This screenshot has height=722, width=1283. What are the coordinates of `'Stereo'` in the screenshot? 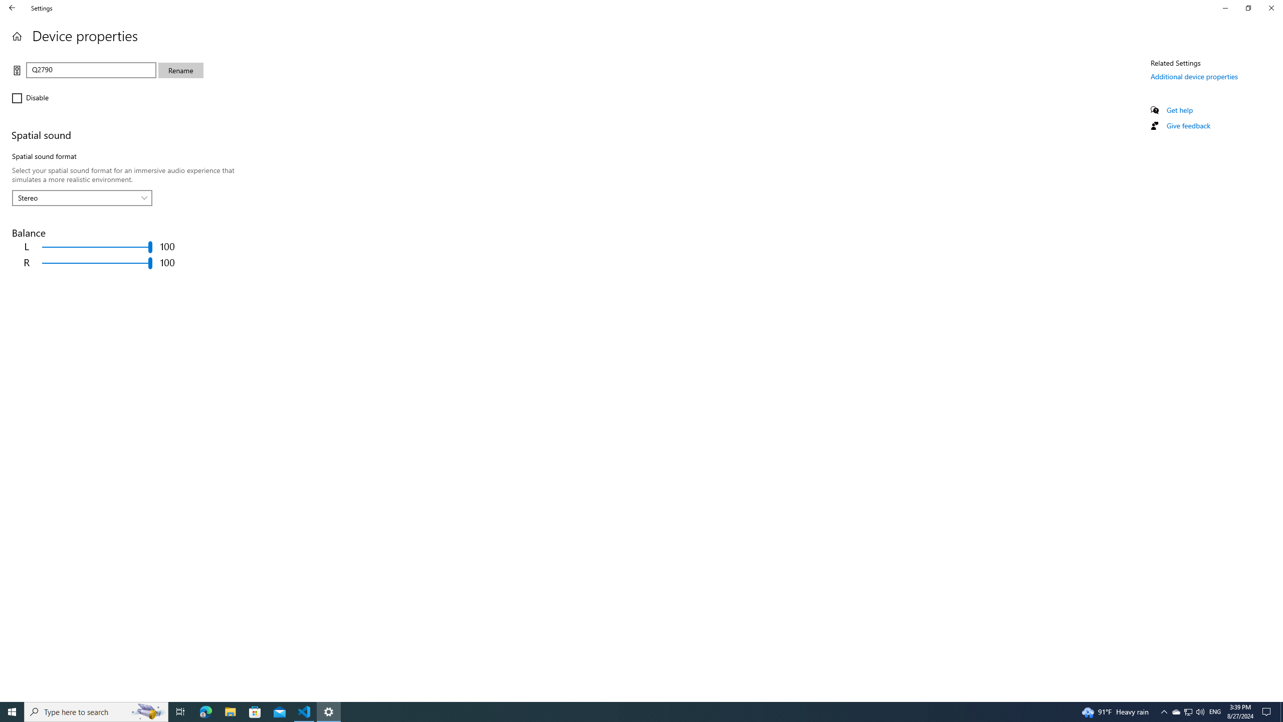 It's located at (76, 198).